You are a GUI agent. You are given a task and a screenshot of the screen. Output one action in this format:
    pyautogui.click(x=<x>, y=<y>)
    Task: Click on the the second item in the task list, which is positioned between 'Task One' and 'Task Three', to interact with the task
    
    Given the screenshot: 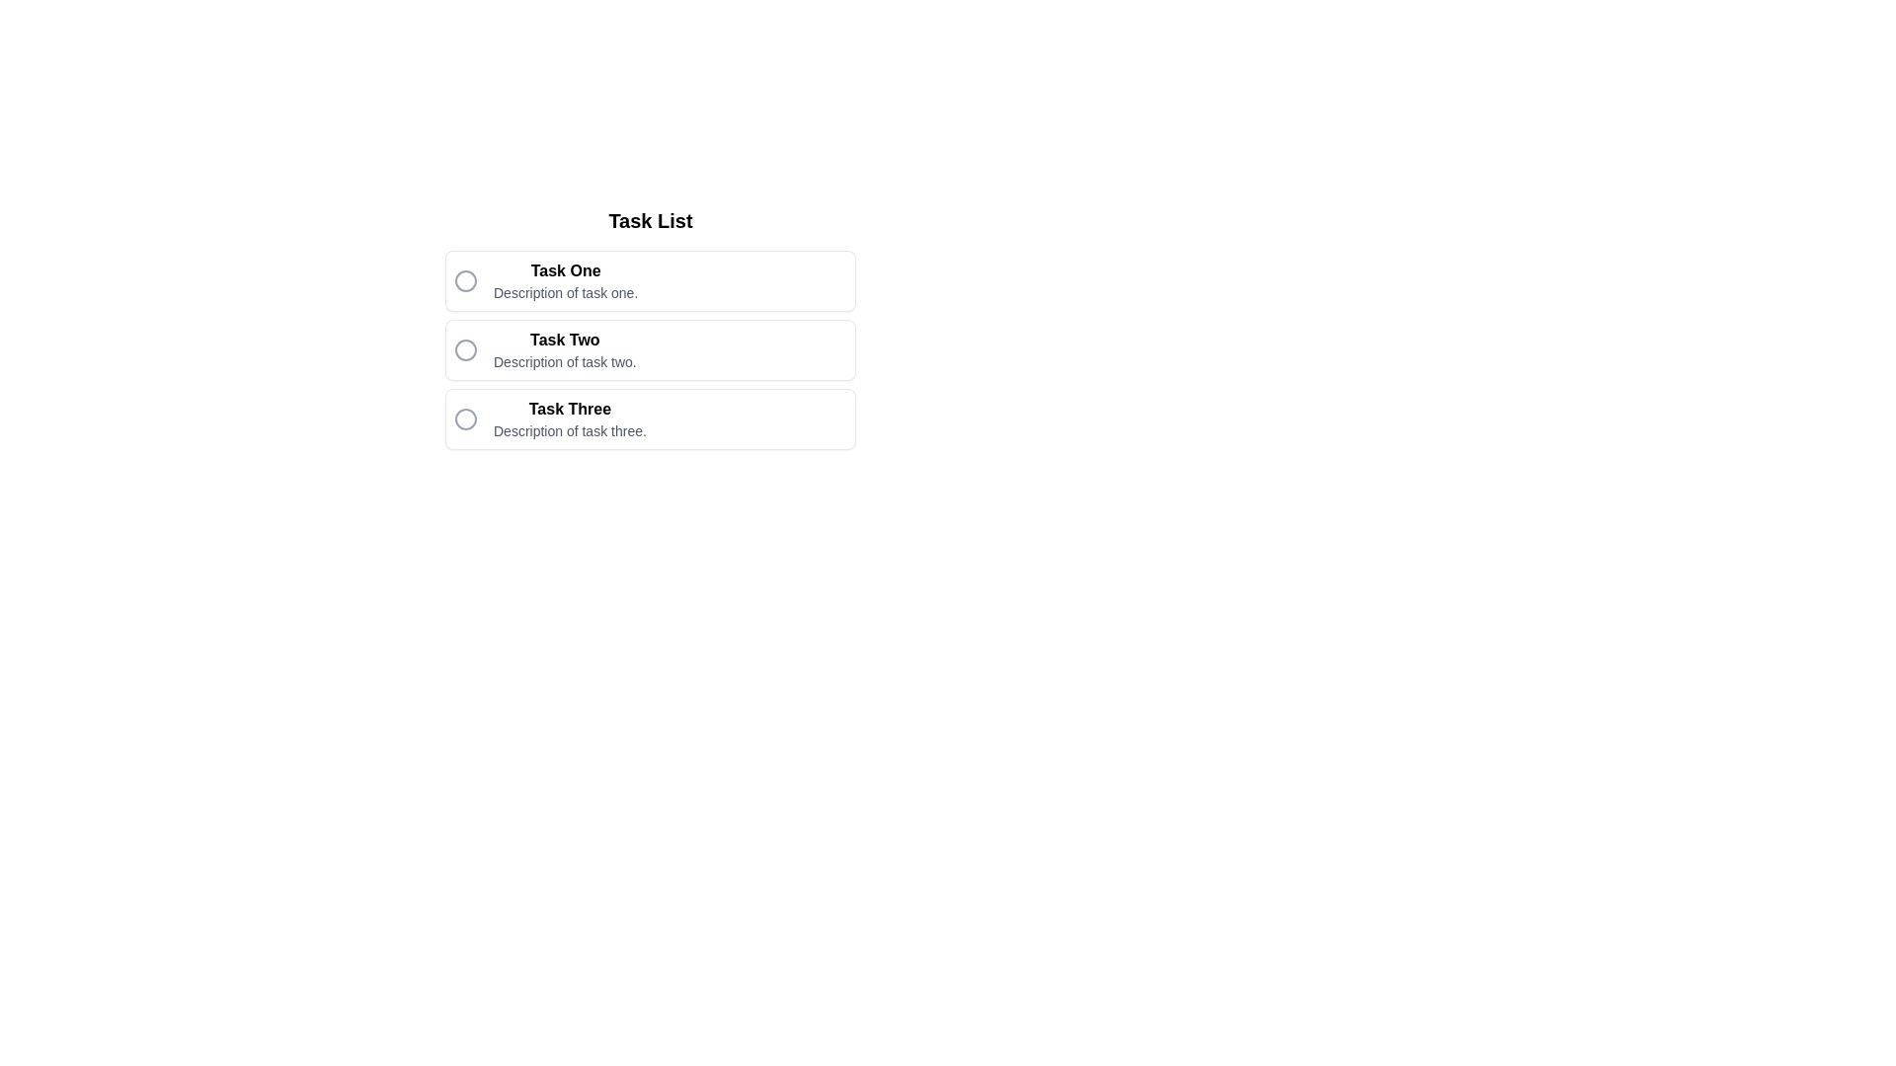 What is the action you would take?
    pyautogui.click(x=650, y=348)
    